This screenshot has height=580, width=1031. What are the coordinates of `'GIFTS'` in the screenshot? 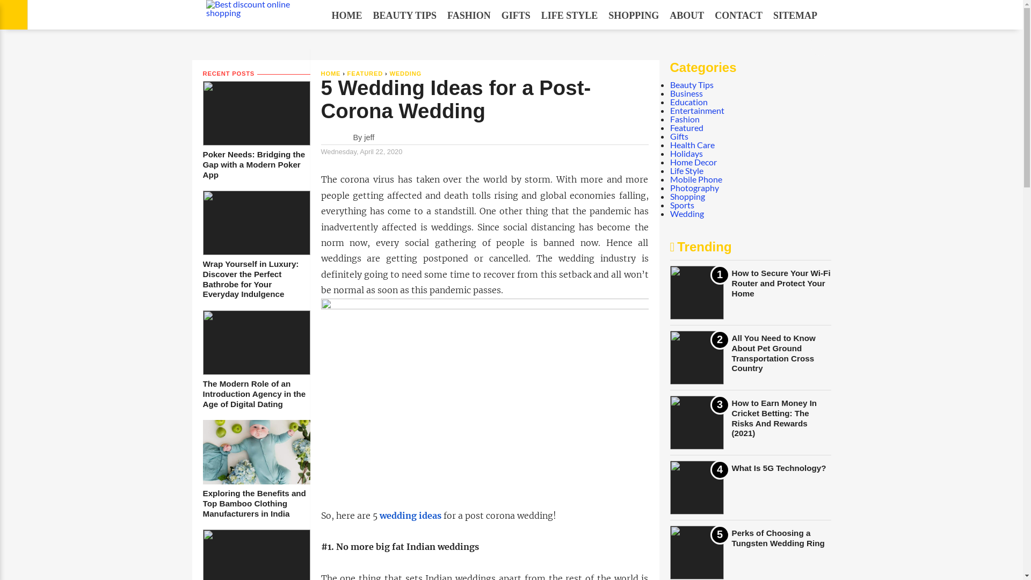 It's located at (496, 16).